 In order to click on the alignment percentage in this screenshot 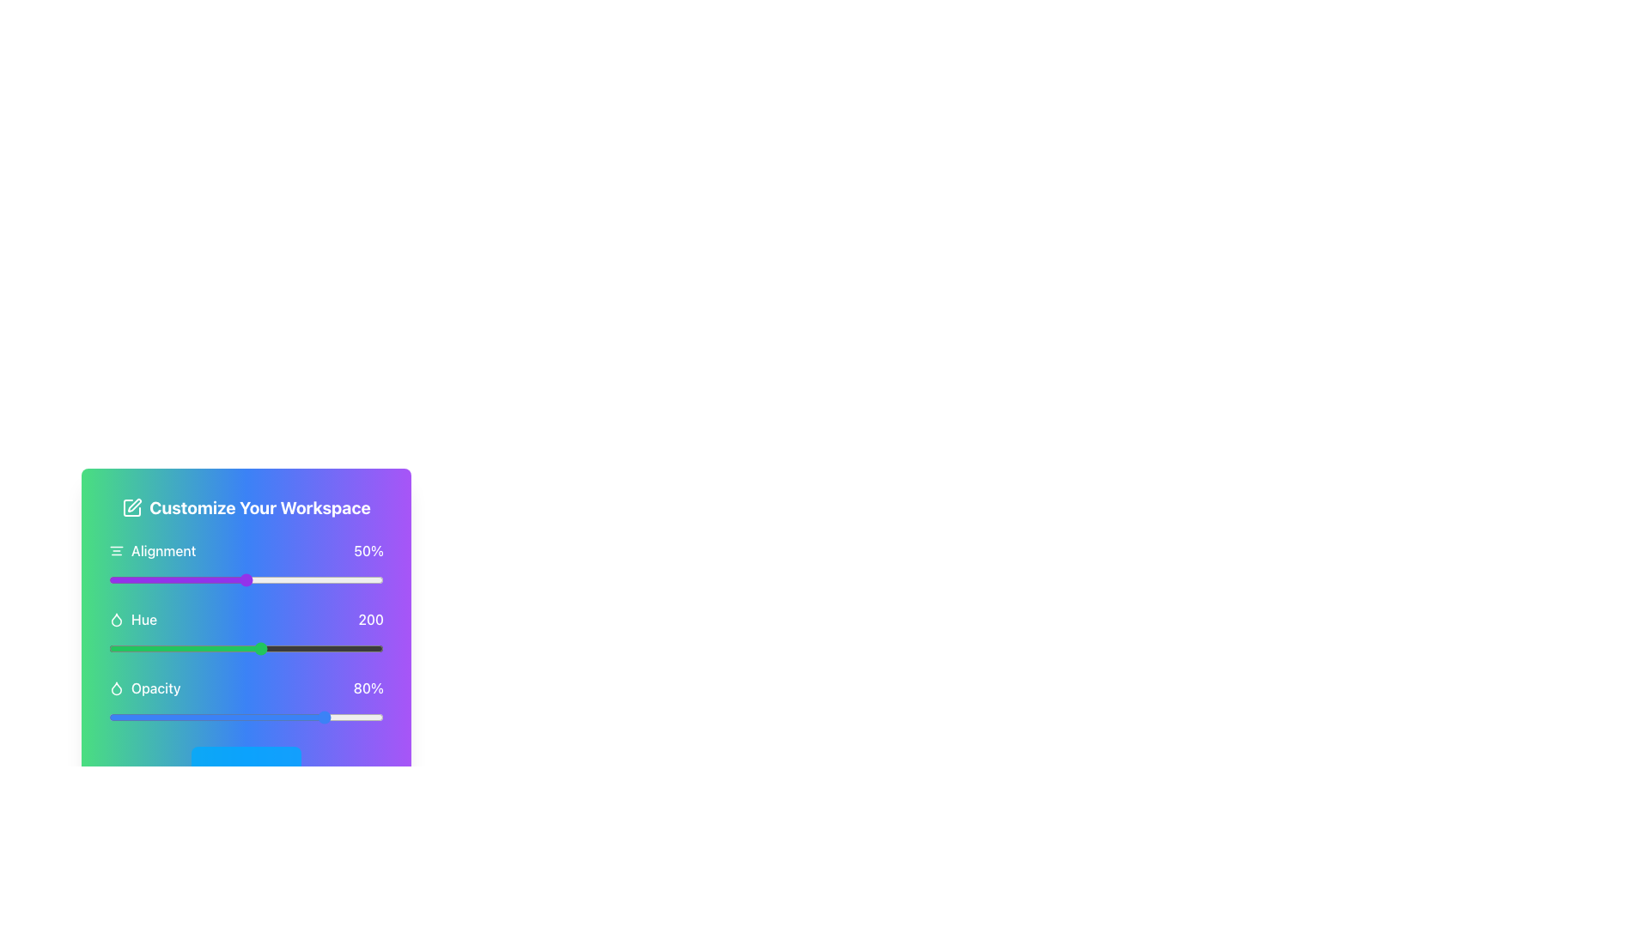, I will do `click(380, 579)`.